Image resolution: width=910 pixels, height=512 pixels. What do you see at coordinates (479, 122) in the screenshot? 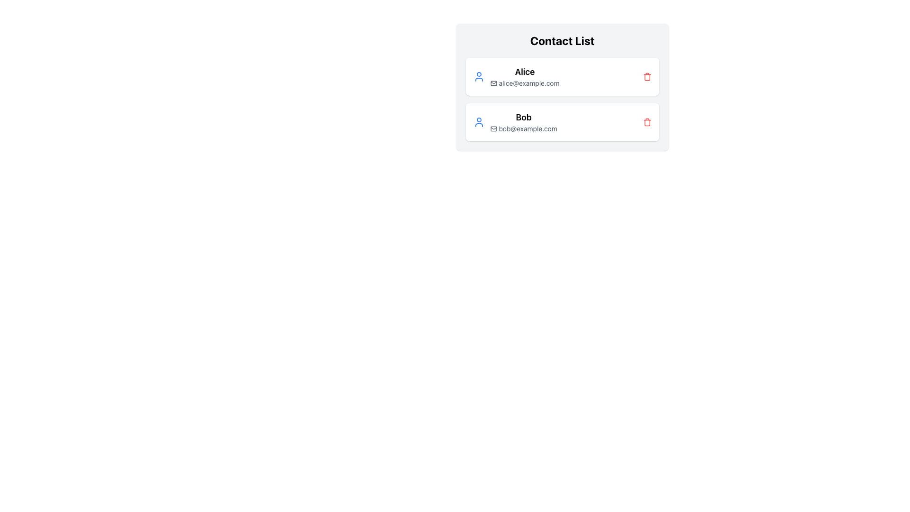
I see `the leftmost icon in the second row of the contact list that represents Bob's contact card` at bounding box center [479, 122].